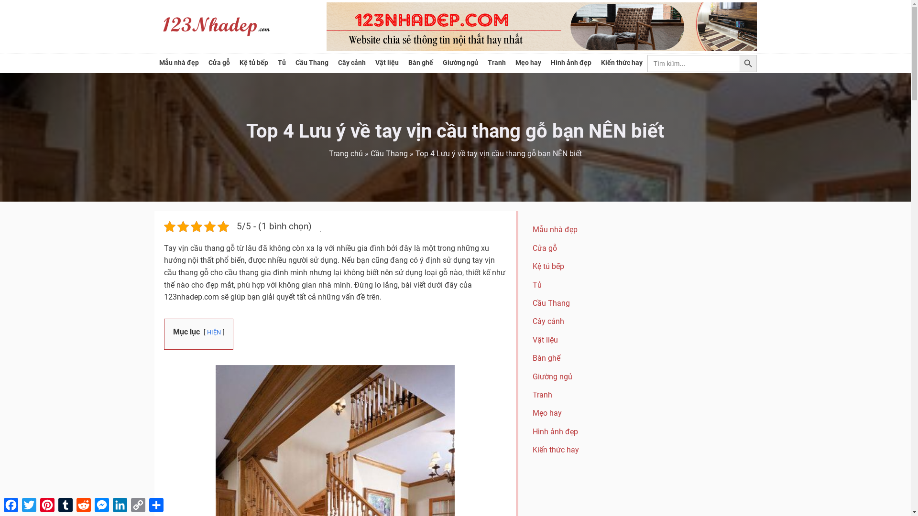  I want to click on 'LinkedIn', so click(110, 504).